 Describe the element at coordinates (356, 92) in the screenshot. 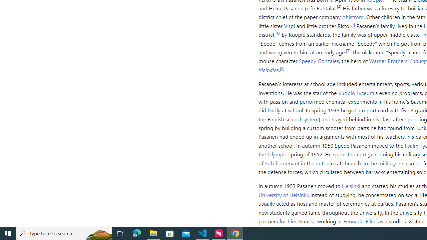

I see `'Kuopio Lyceum'` at that location.